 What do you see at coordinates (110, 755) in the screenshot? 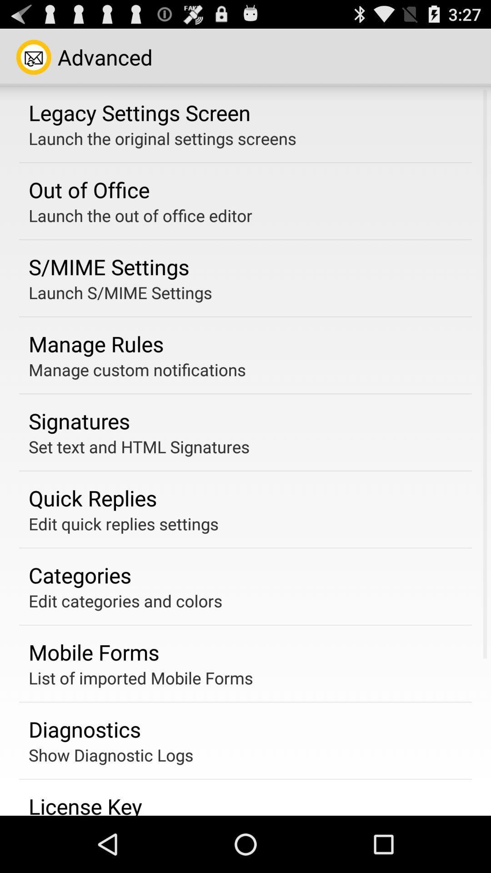
I see `icon below the diagnostics app` at bounding box center [110, 755].